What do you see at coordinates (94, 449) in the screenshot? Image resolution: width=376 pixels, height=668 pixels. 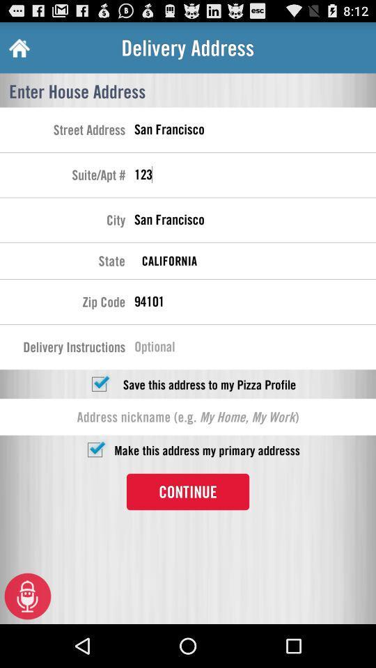 I see `switch primary address option` at bounding box center [94, 449].